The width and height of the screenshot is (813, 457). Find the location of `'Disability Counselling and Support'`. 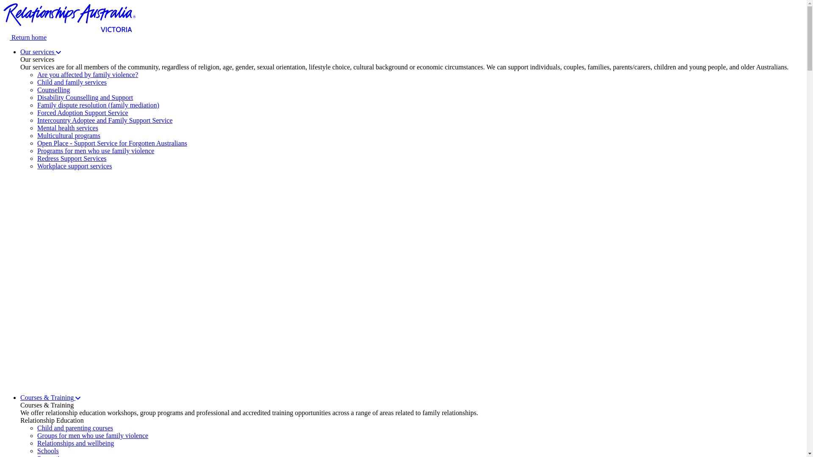

'Disability Counselling and Support' is located at coordinates (36, 97).